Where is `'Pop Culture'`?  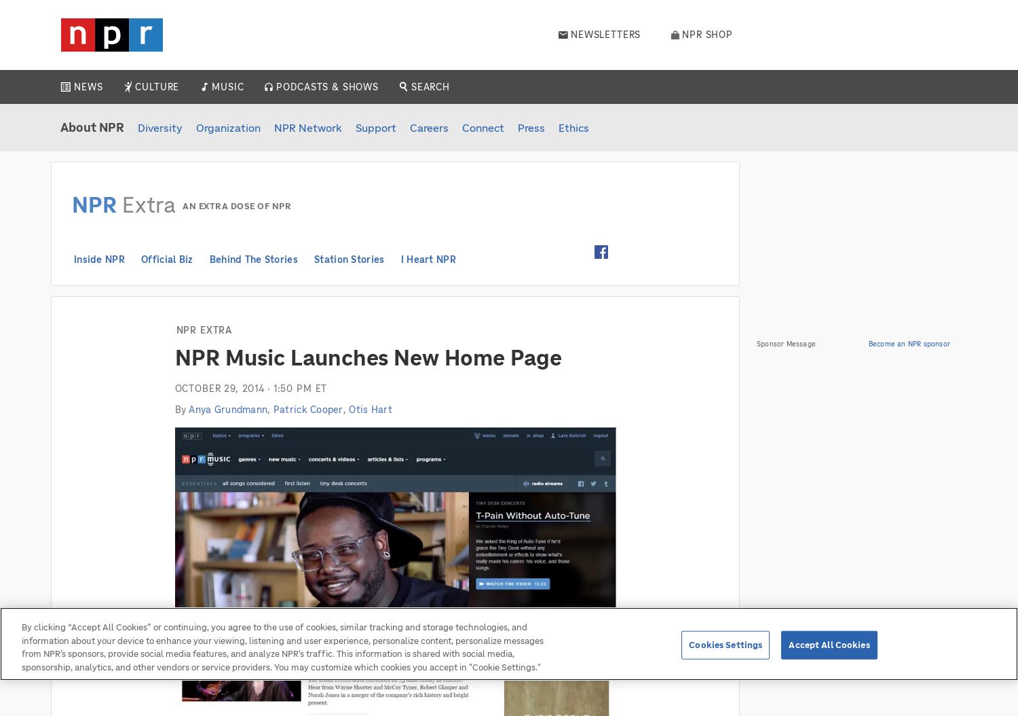 'Pop Culture' is located at coordinates (261, 161).